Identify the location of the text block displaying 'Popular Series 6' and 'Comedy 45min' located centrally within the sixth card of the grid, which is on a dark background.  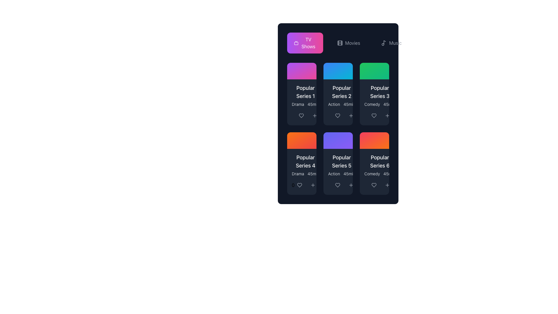
(380, 165).